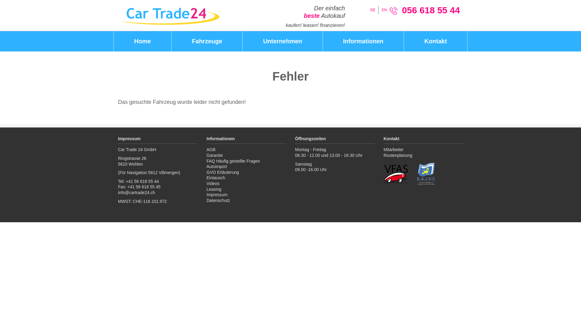 This screenshot has width=581, height=327. What do you see at coordinates (363, 41) in the screenshot?
I see `'Informationen'` at bounding box center [363, 41].